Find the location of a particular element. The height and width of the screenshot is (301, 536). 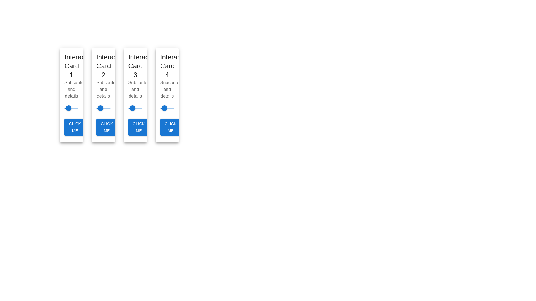

the first knob on the second horizontal slider in 'Interact Card 2' is located at coordinates (100, 108).